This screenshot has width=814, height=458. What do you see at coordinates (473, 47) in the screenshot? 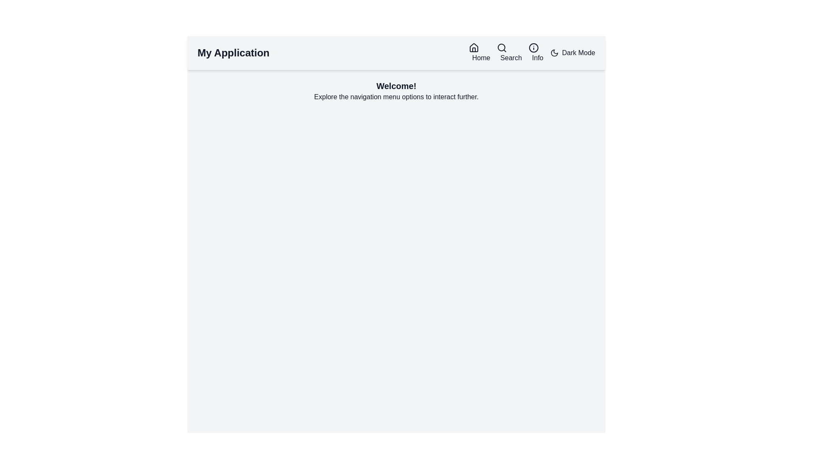
I see `the 'Home' navigation icon located in the top navigation bar` at bounding box center [473, 47].